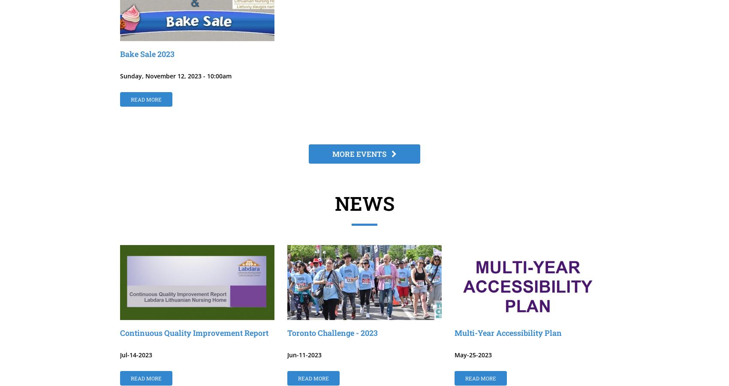 Image resolution: width=729 pixels, height=386 pixels. What do you see at coordinates (508, 332) in the screenshot?
I see `'Multi-Year Accessibility Plan'` at bounding box center [508, 332].